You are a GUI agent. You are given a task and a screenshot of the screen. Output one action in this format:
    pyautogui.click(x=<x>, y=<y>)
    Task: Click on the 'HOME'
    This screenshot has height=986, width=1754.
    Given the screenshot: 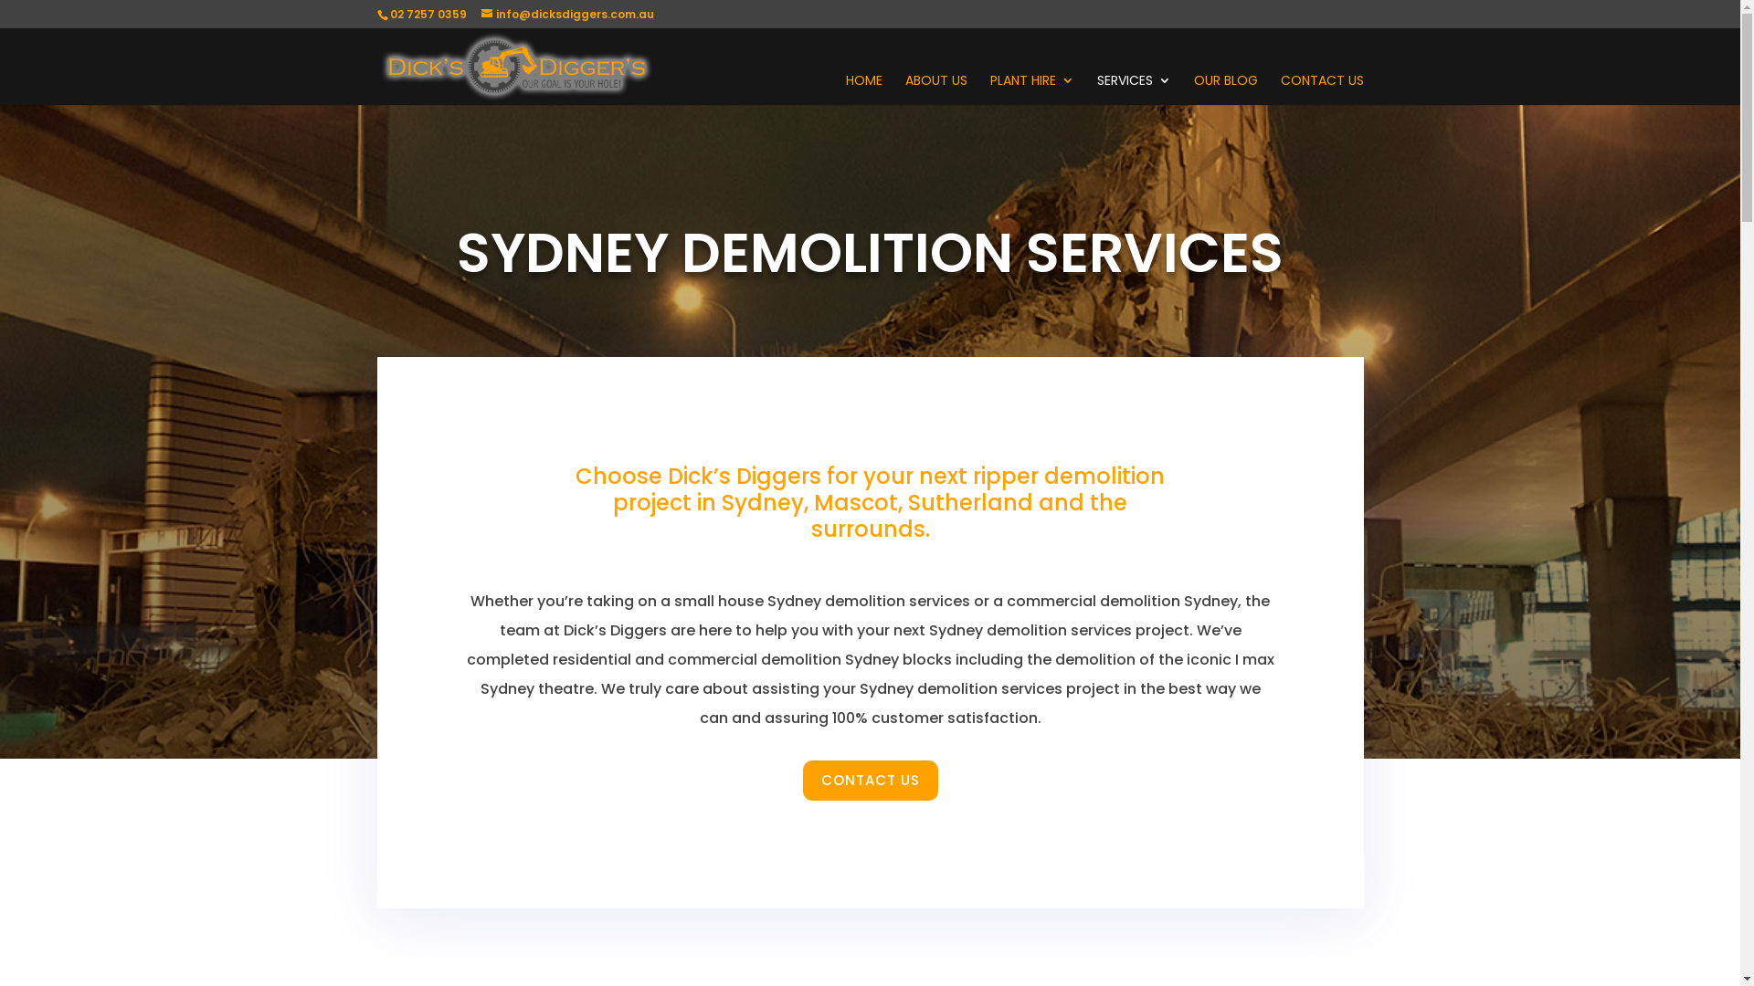 What is the action you would take?
    pyautogui.click(x=845, y=89)
    